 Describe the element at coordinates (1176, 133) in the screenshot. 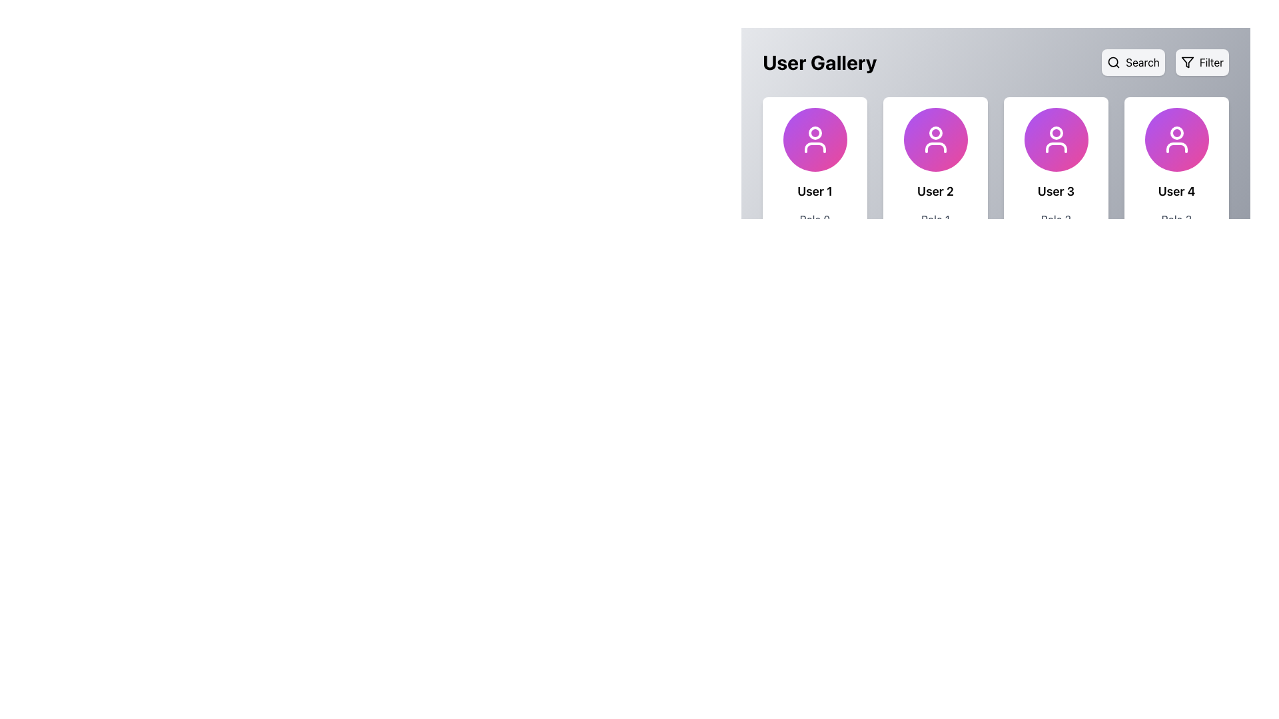

I see `the head circle of the user icon for the fourth user in the user gallery, which is located at the top center of the card titled 'User 4'` at that location.